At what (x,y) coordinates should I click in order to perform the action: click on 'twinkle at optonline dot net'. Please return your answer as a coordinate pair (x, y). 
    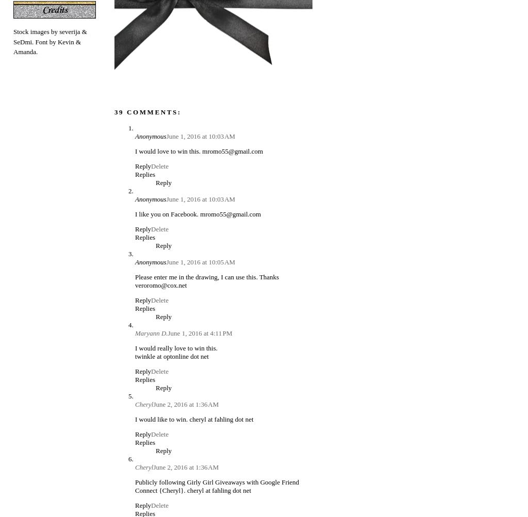
    Looking at the image, I should click on (171, 356).